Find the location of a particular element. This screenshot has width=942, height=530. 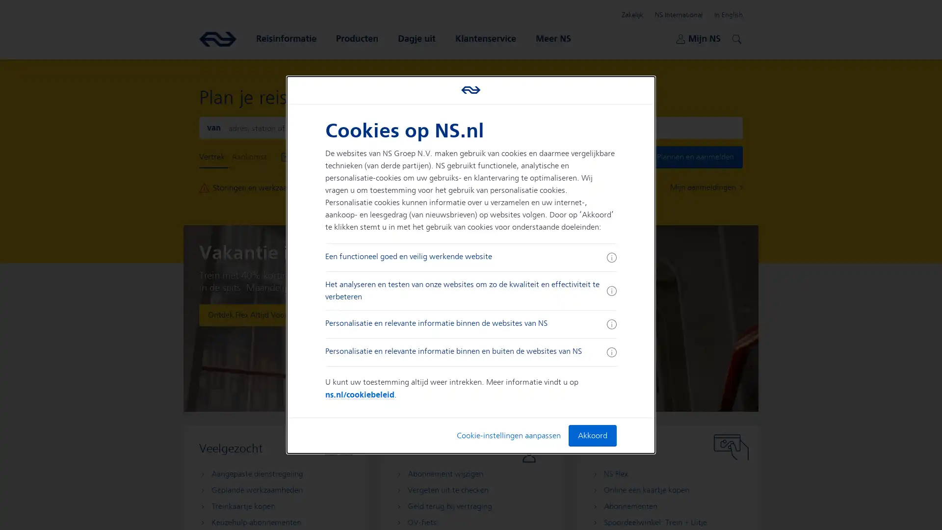

Meer informatie ingeklapt is located at coordinates (611, 257).